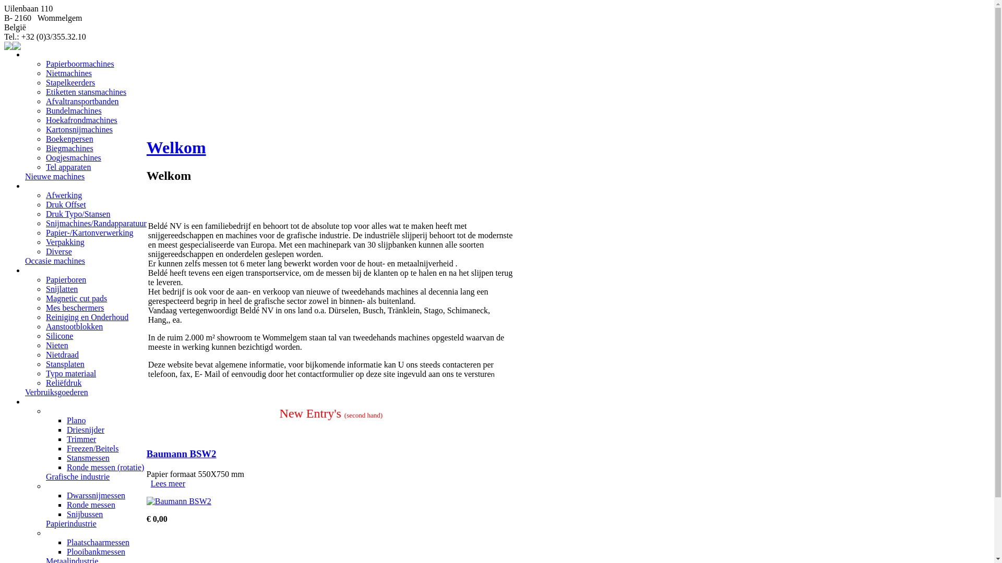 This screenshot has width=1002, height=563. What do you see at coordinates (87, 316) in the screenshot?
I see `'Reiniging en Onderhoud'` at bounding box center [87, 316].